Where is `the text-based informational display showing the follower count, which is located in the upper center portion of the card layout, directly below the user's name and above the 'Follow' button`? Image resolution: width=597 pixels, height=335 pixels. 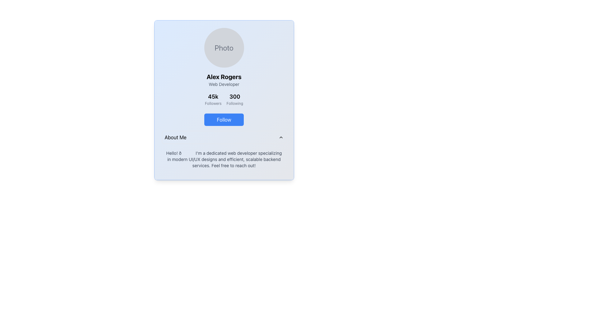 the text-based informational display showing the follower count, which is located in the upper center portion of the card layout, directly below the user's name and above the 'Follow' button is located at coordinates (213, 99).